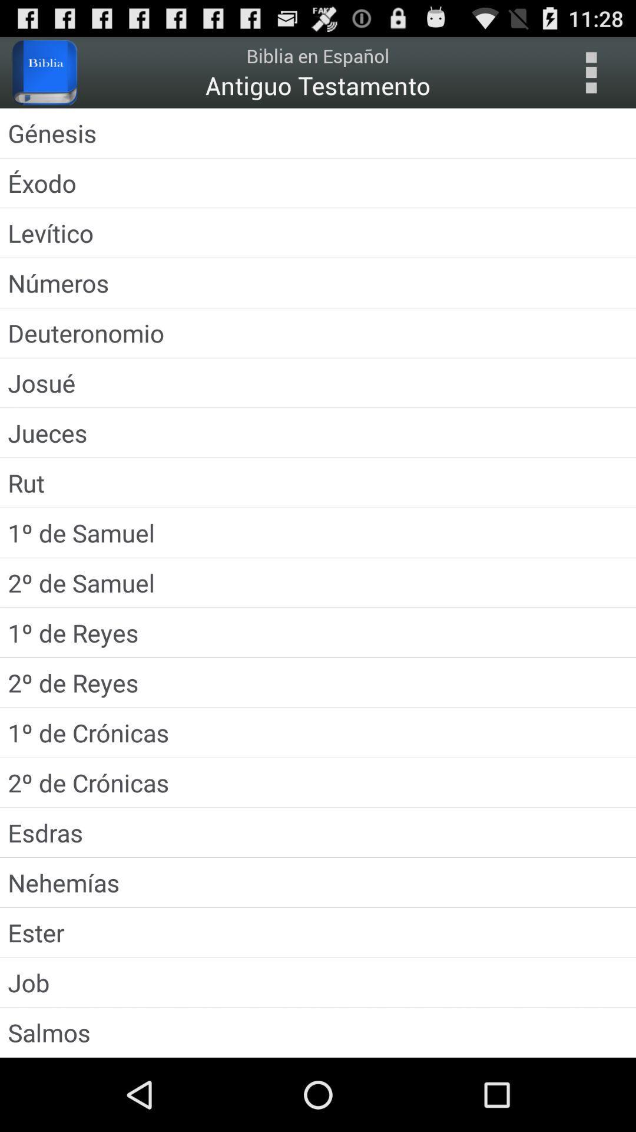 This screenshot has width=636, height=1132. What do you see at coordinates (318, 1032) in the screenshot?
I see `icon below job icon` at bounding box center [318, 1032].